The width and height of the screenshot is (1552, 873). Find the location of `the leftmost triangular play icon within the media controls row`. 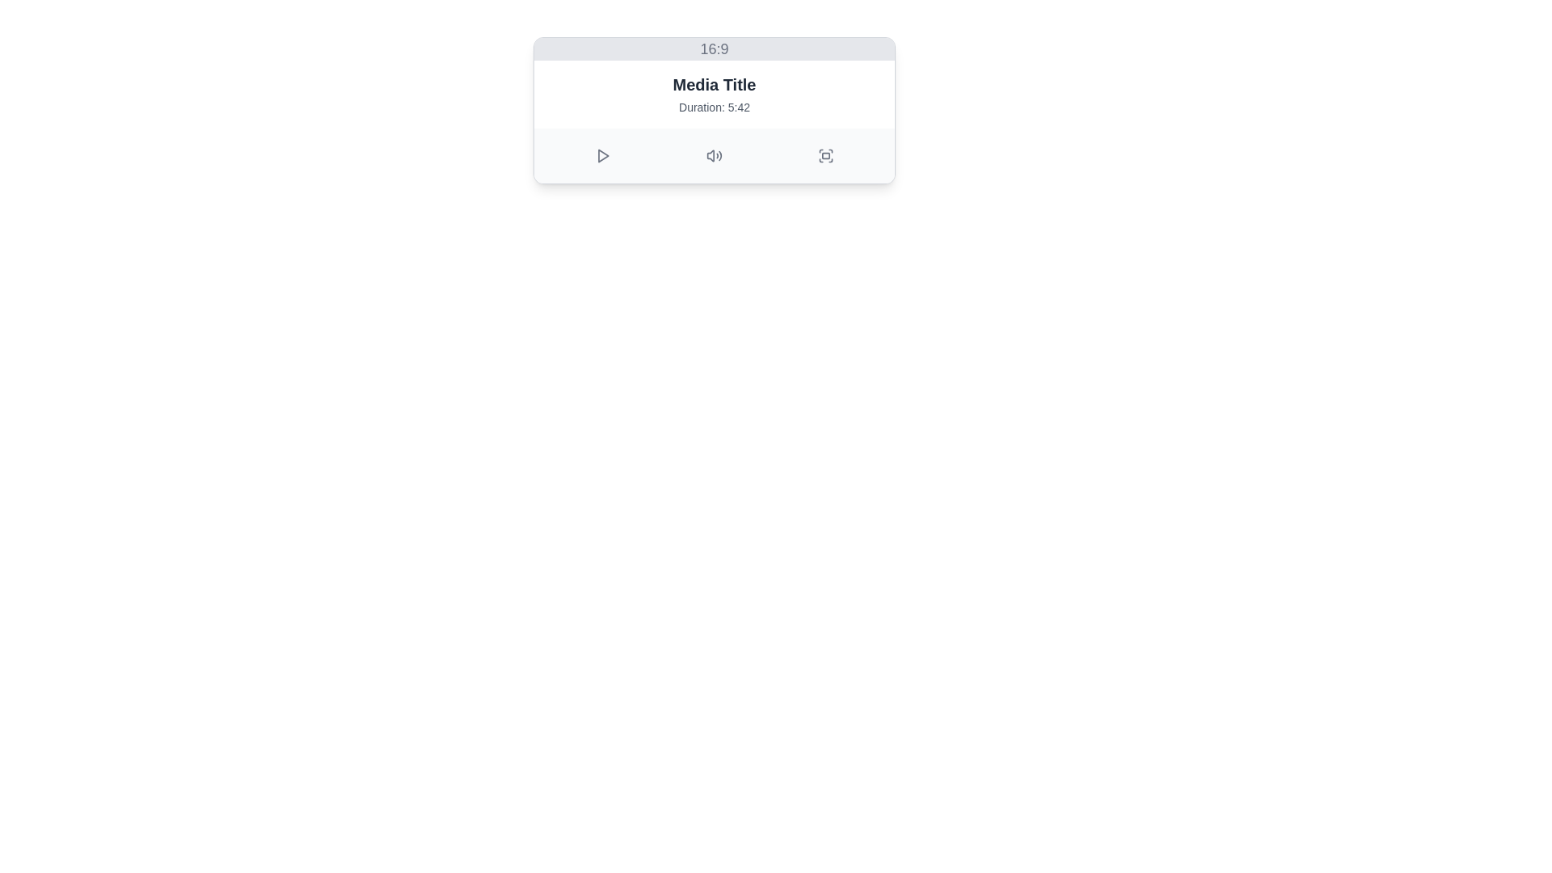

the leftmost triangular play icon within the media controls row is located at coordinates (602, 155).